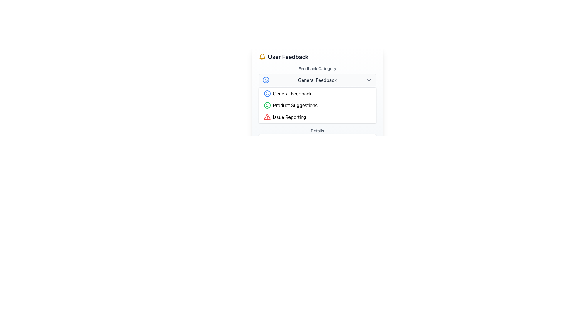  I want to click on the chevron icon located at the far right of the 'General Feedback' dropdown trigger, so click(368, 80).